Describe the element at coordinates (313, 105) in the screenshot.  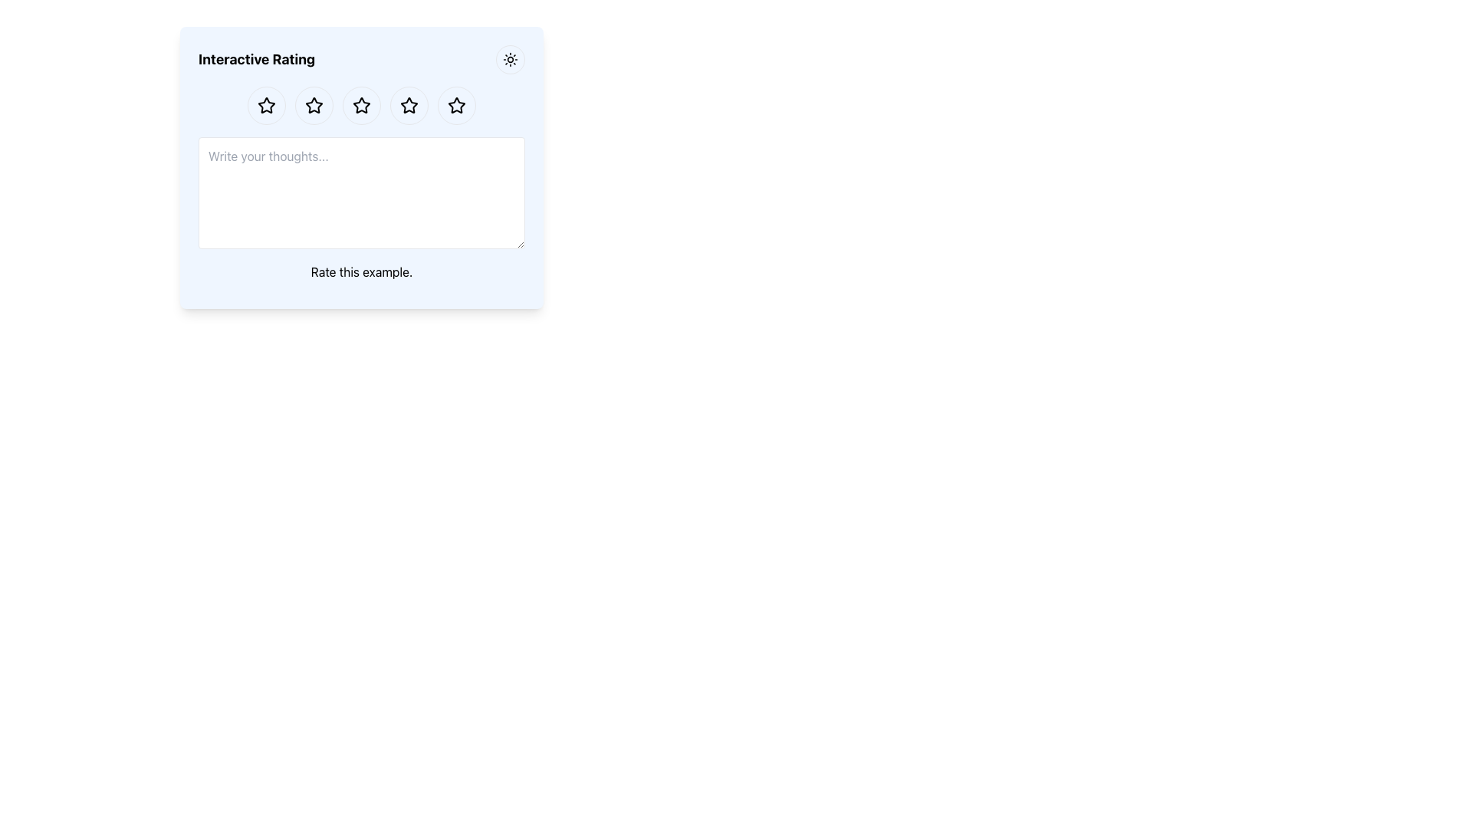
I see `the second star in the horizontal row of five stars, which is part of the rating system` at that location.